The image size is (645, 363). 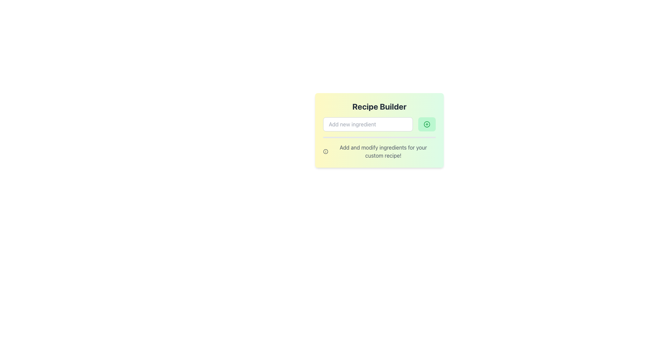 What do you see at coordinates (427, 124) in the screenshot?
I see `the circular green outlined icon that adds an ingredient in the Recipe Builder interface` at bounding box center [427, 124].